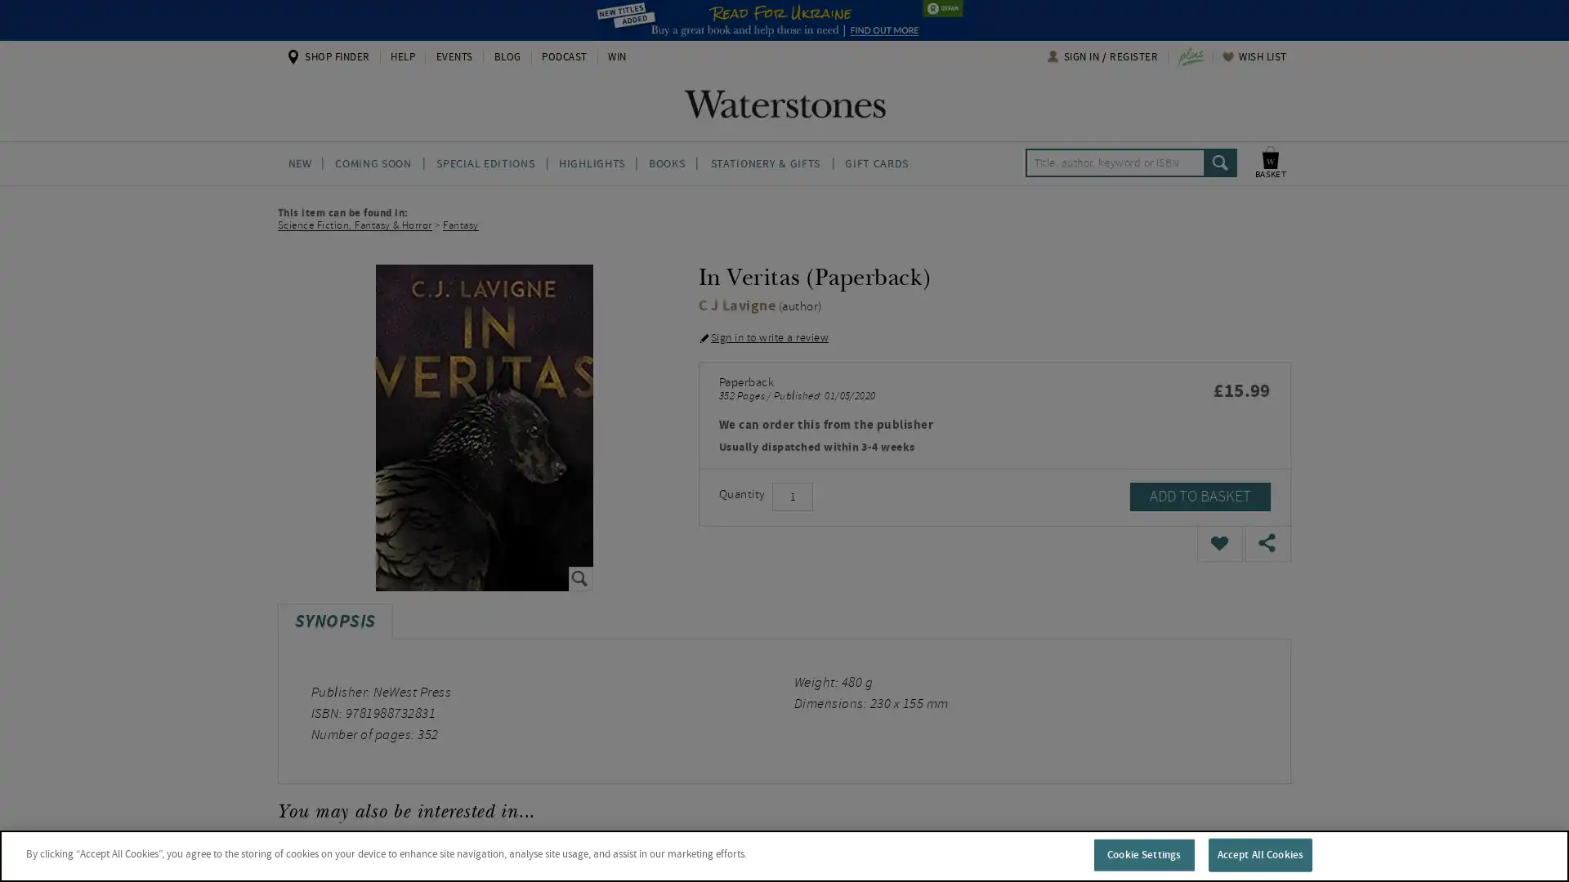  I want to click on Cookie Settings, so click(1142, 853).